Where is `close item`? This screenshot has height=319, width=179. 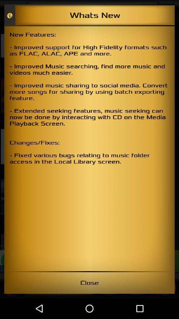
close item is located at coordinates (89, 282).